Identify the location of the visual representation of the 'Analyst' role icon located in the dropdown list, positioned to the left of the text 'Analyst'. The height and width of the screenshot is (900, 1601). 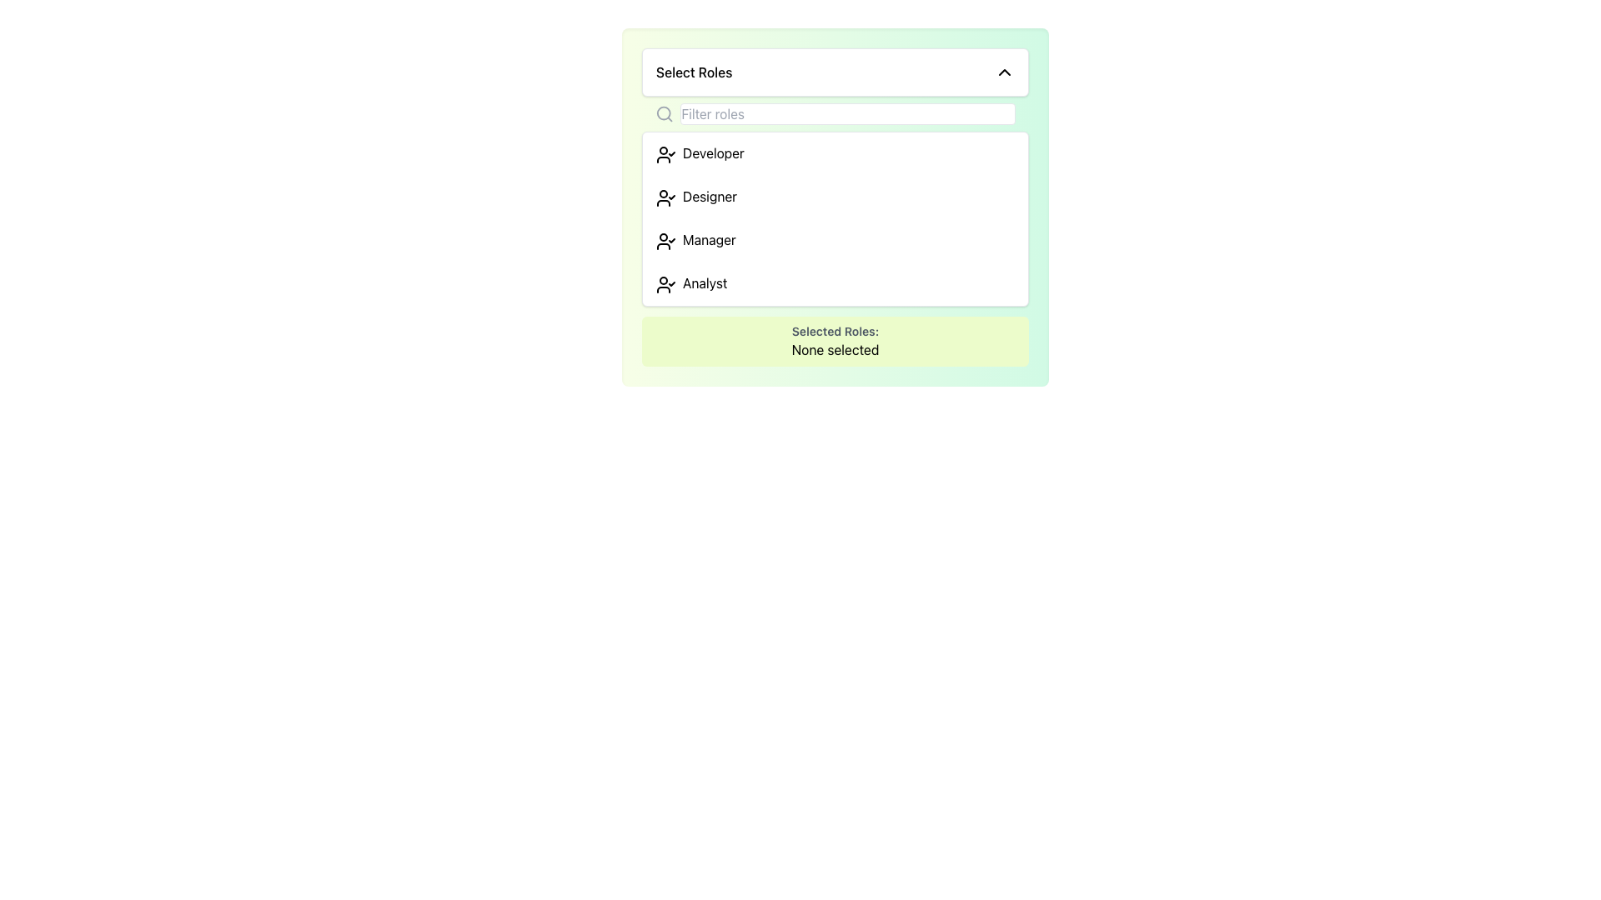
(665, 282).